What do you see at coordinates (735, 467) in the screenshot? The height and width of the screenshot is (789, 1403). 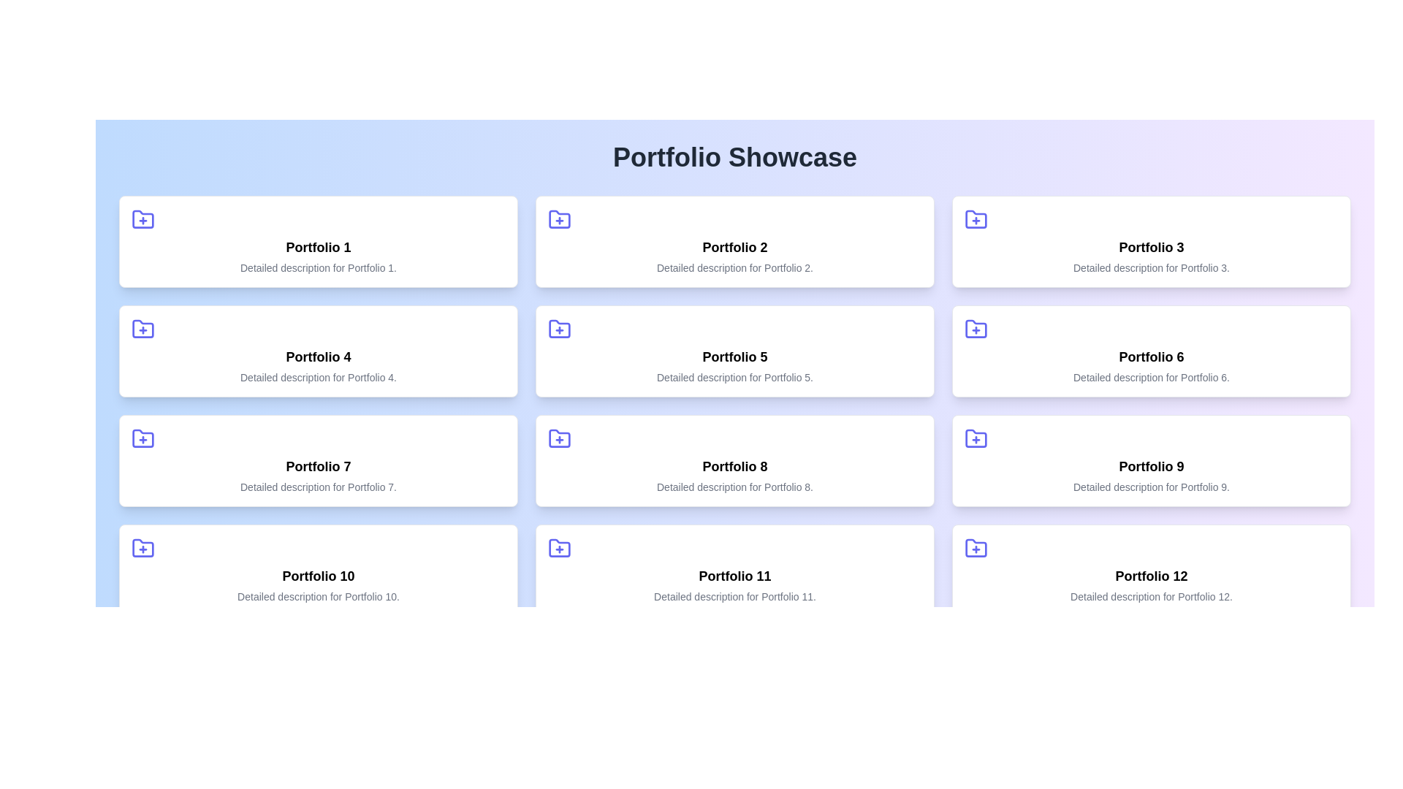 I see `the bolded text header displaying 'Portfolio 8' located in the eighth card of a grid layout, positioned between an icon above and a description text below` at bounding box center [735, 467].